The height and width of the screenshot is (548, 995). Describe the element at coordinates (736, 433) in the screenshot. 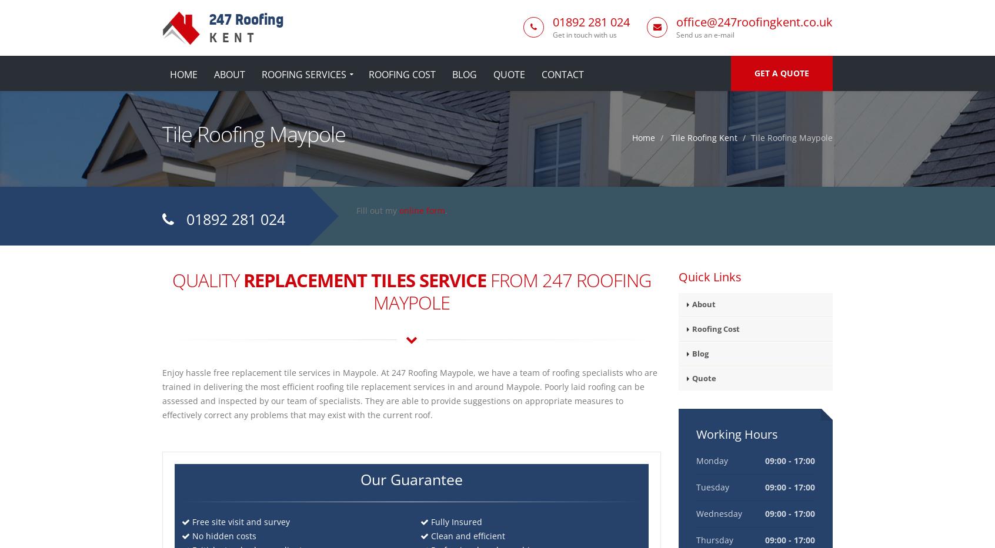

I see `'Working Hours'` at that location.